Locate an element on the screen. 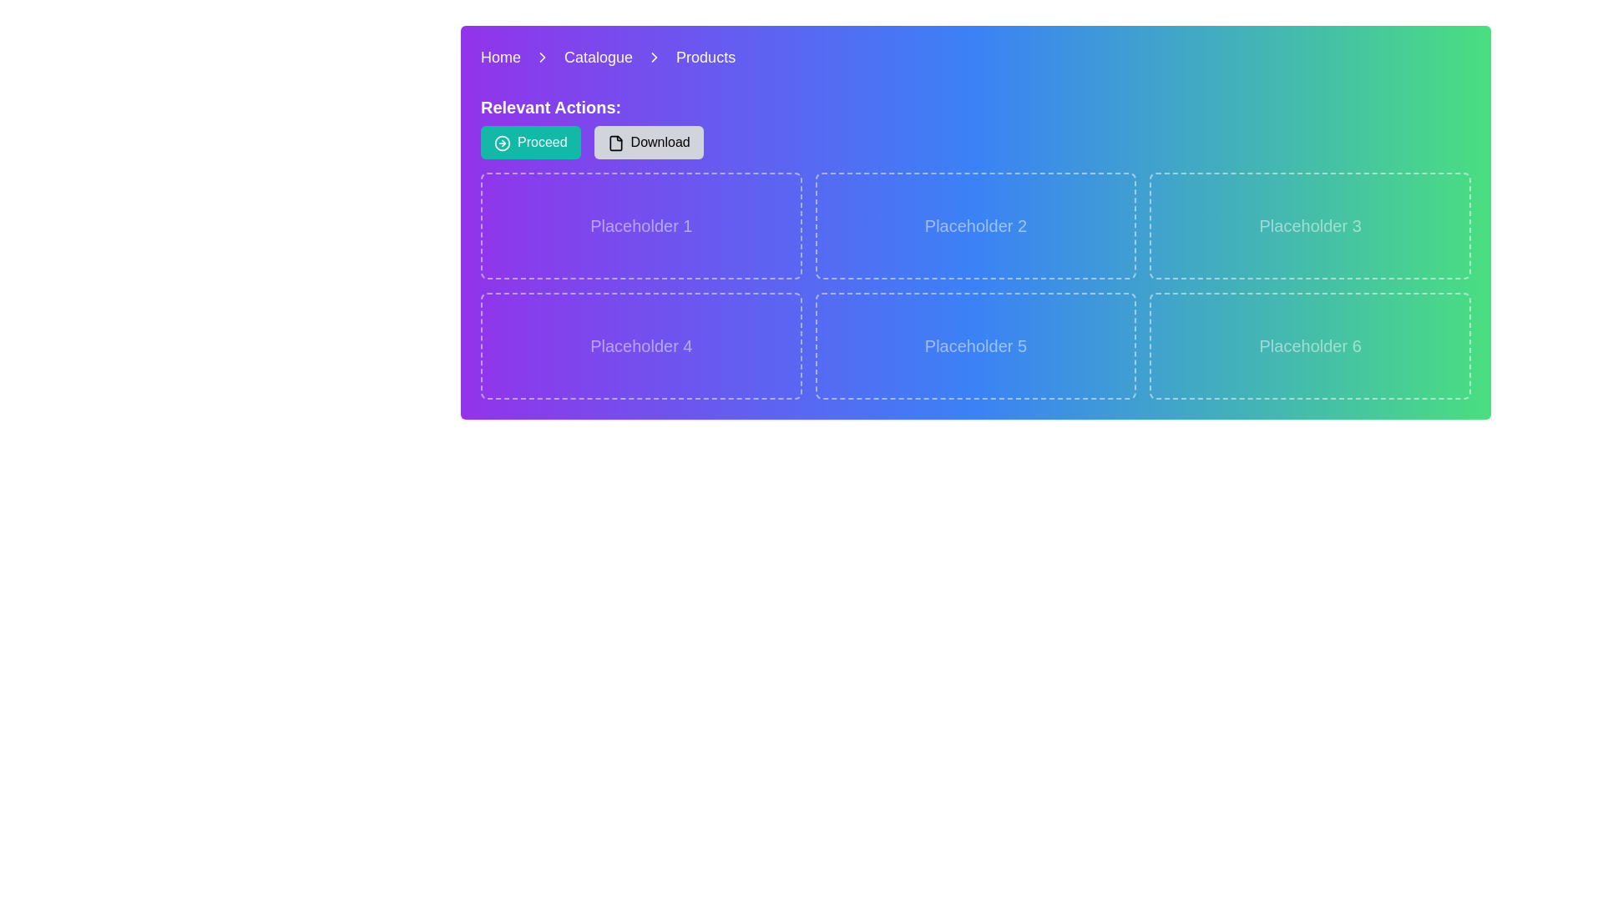 The height and width of the screenshot is (901, 1603). the Placeholder box with a gradient background transitioning from purple to blue, featuring centered text 'Placeholder 4' in white font, located in the grid layout below 'Placeholder 1' is located at coordinates (640, 345).